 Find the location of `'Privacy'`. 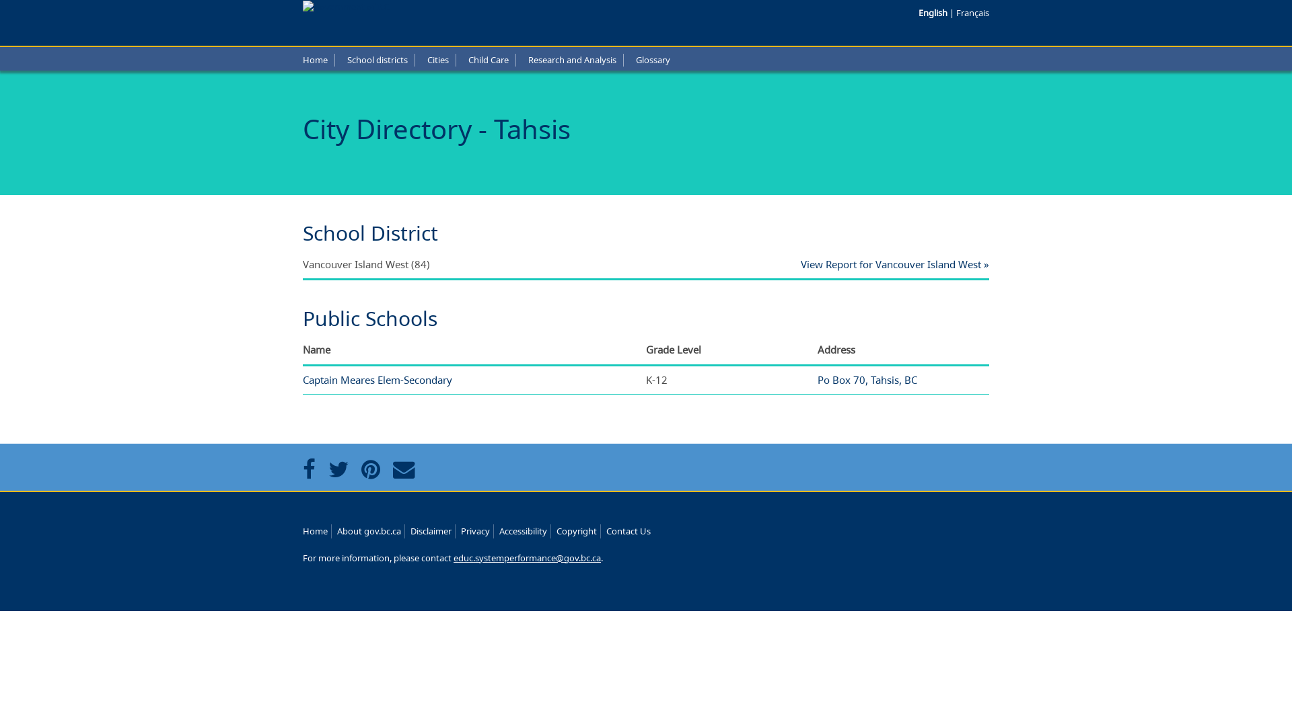

'Privacy' is located at coordinates (475, 530).